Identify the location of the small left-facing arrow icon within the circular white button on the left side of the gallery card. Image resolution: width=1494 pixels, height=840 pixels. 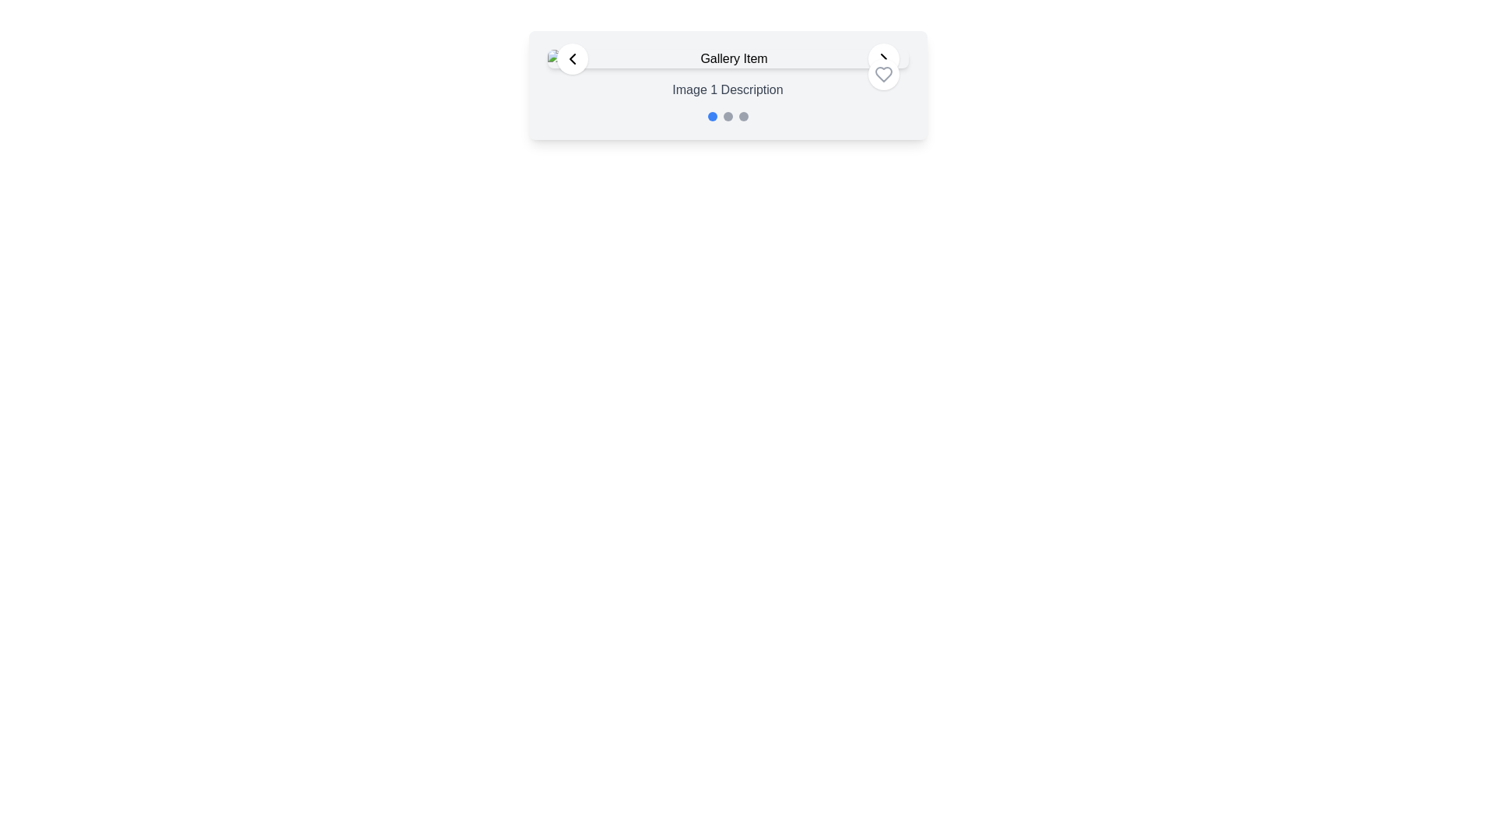
(571, 58).